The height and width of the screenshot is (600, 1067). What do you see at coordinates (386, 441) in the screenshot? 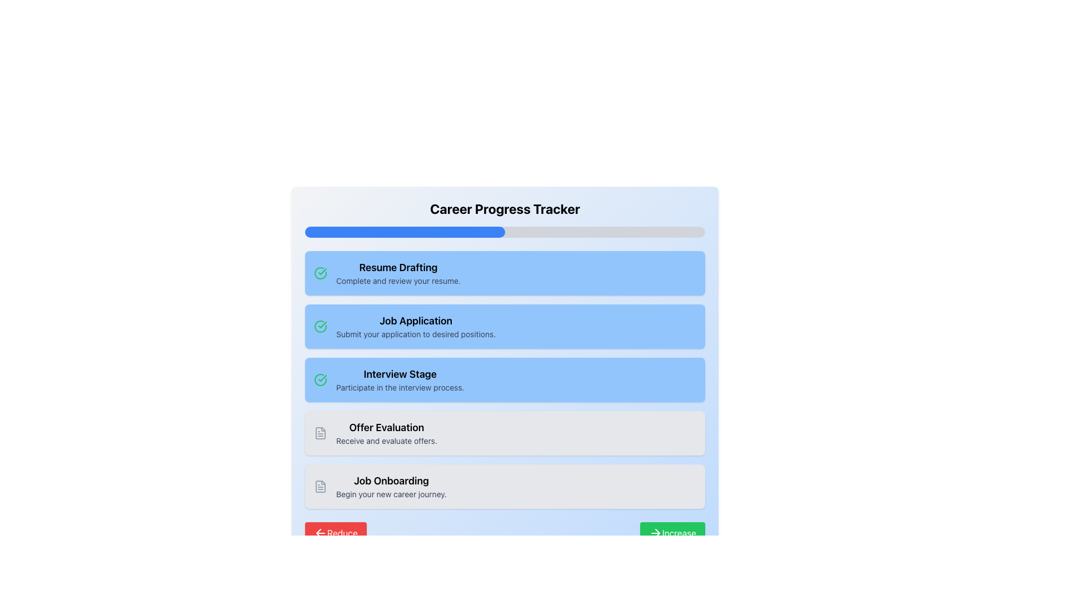
I see `descriptive text located in the 'Offer Evaluation' section of the 'Career Progress Tracker' interface, positioned directly below the 'Offer Evaluation' heading` at bounding box center [386, 441].